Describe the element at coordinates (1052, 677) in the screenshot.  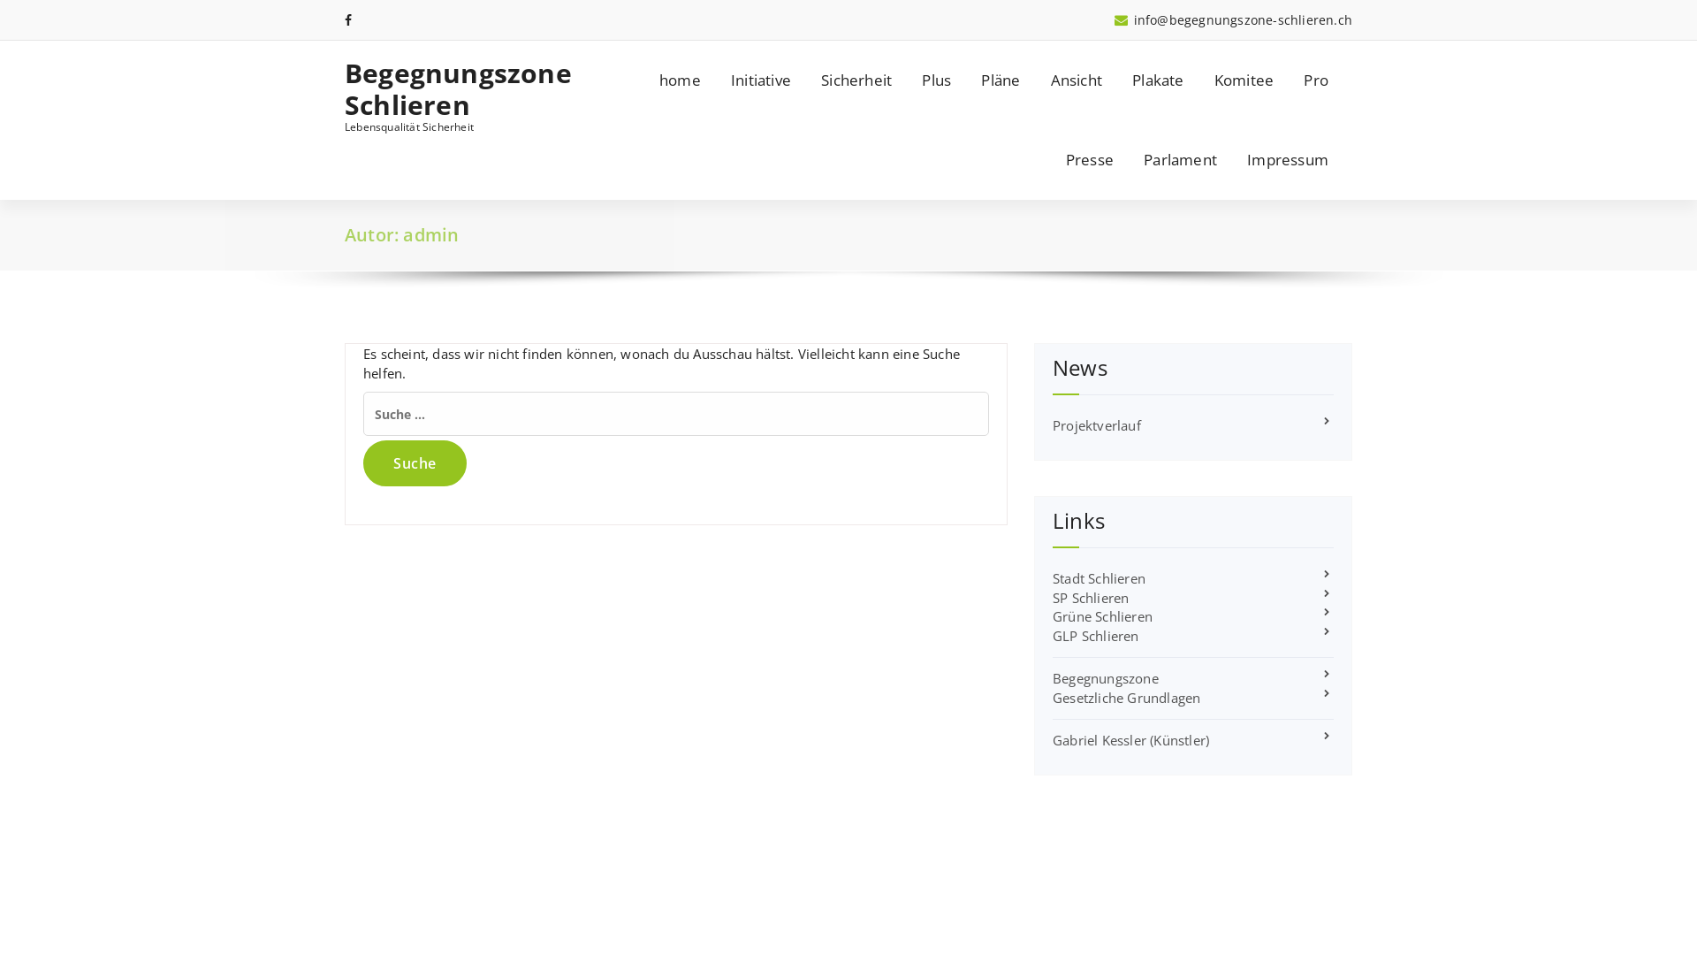
I see `'Begegnungszone'` at that location.